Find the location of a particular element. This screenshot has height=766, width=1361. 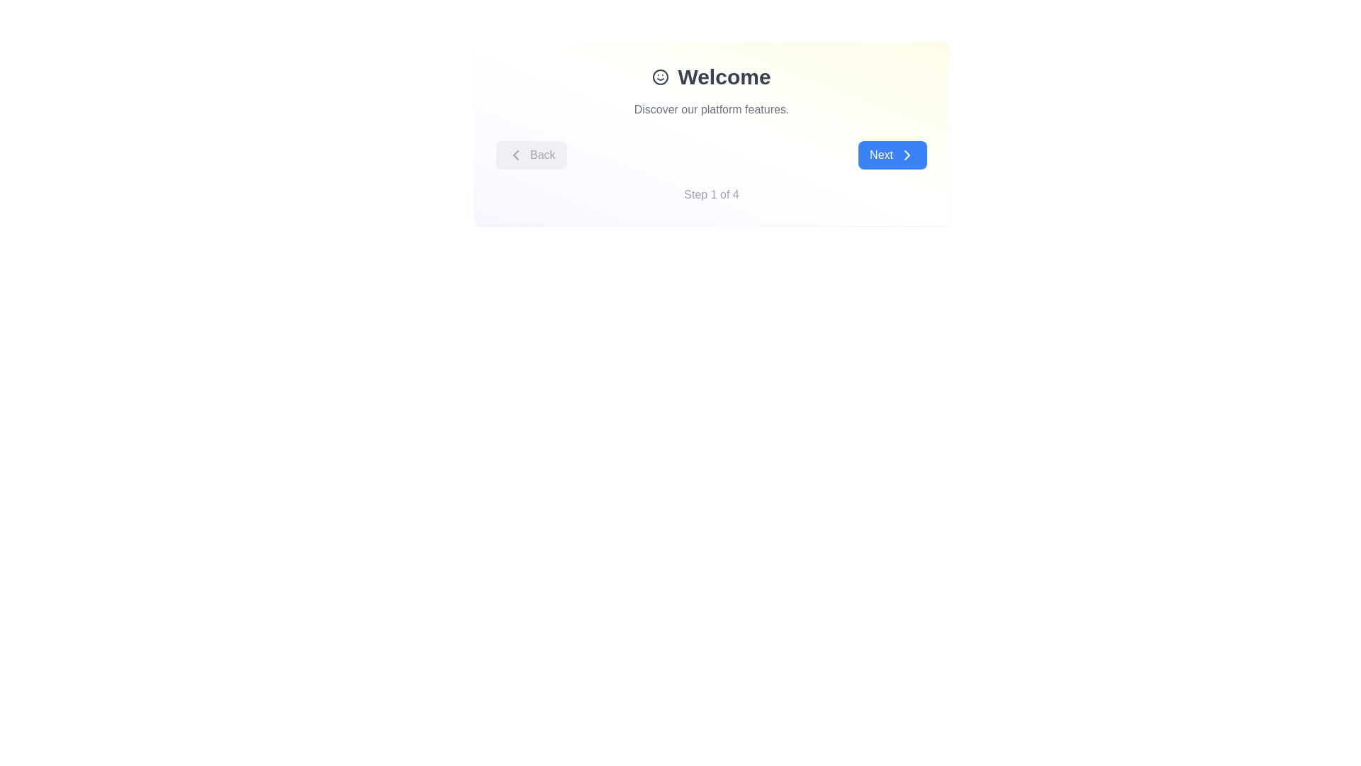

the circular graphical element that is part of the smiley face icon located above the text 'Welcome' is located at coordinates (660, 77).